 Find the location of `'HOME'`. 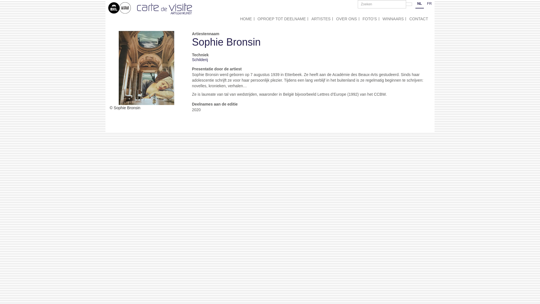

'HOME' is located at coordinates (246, 18).